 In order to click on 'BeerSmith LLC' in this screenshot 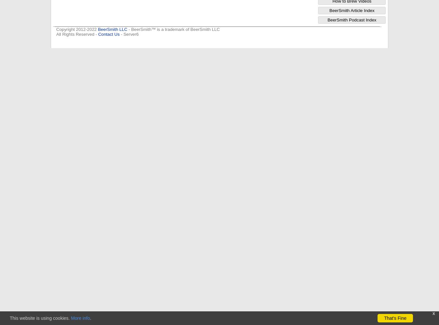, I will do `click(113, 29)`.